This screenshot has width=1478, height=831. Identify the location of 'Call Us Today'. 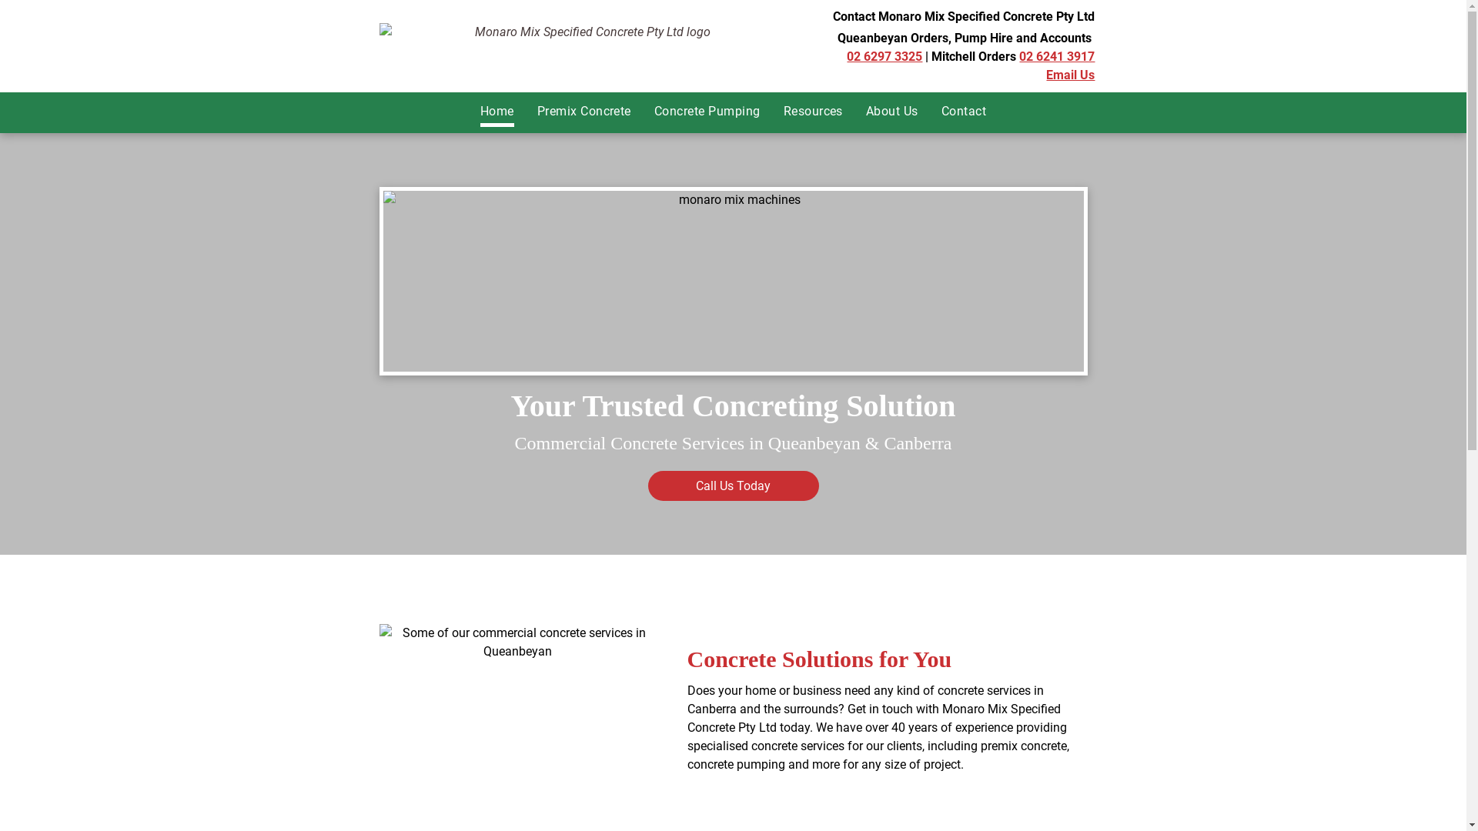
(647, 486).